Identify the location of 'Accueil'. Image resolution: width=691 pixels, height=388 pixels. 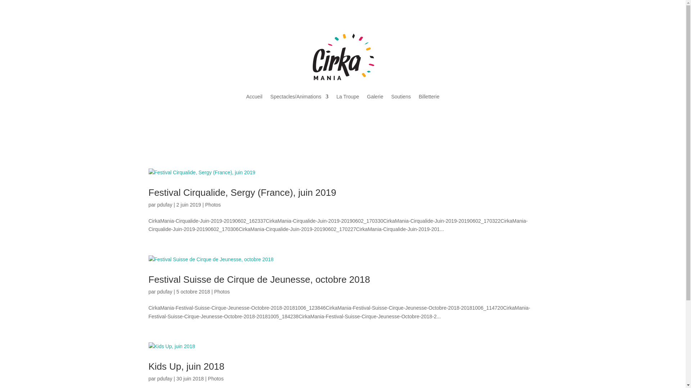
(254, 96).